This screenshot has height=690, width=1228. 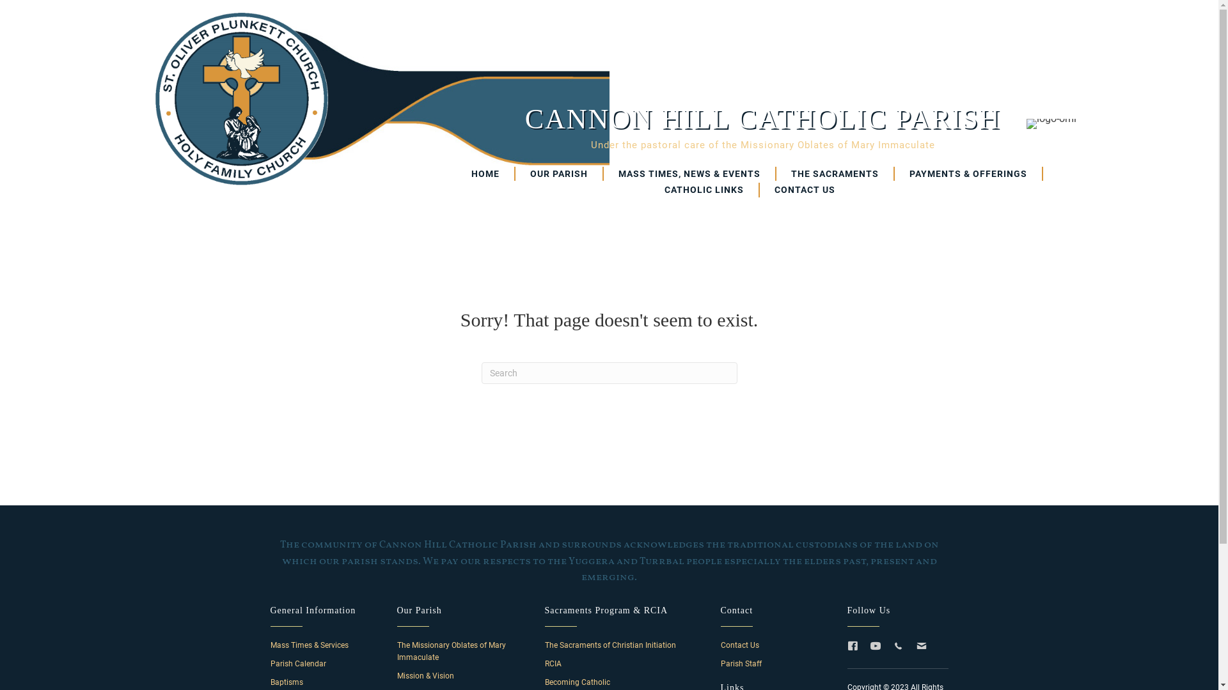 I want to click on 'logo-omi', so click(x=1050, y=123).